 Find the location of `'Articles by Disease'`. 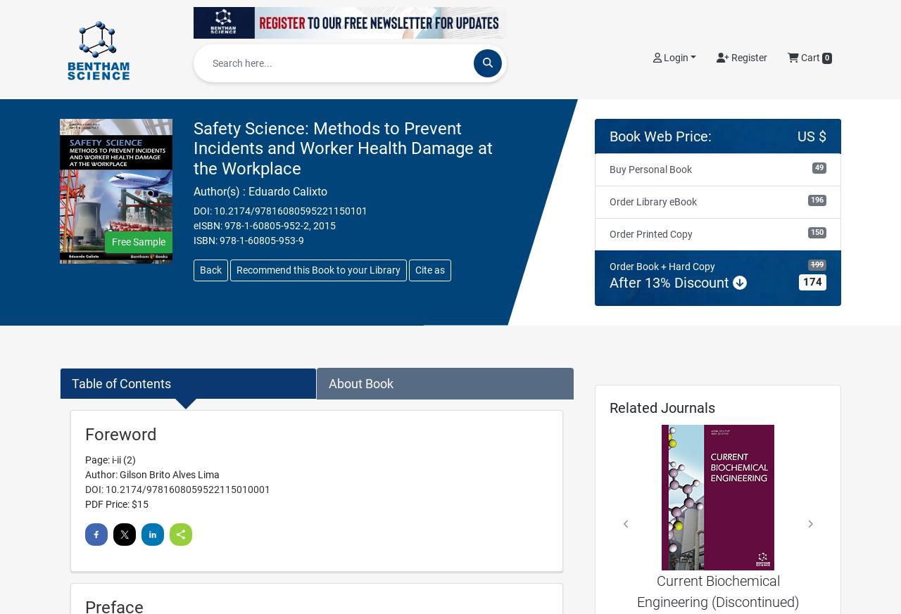

'Articles by Disease' is located at coordinates (519, 16).